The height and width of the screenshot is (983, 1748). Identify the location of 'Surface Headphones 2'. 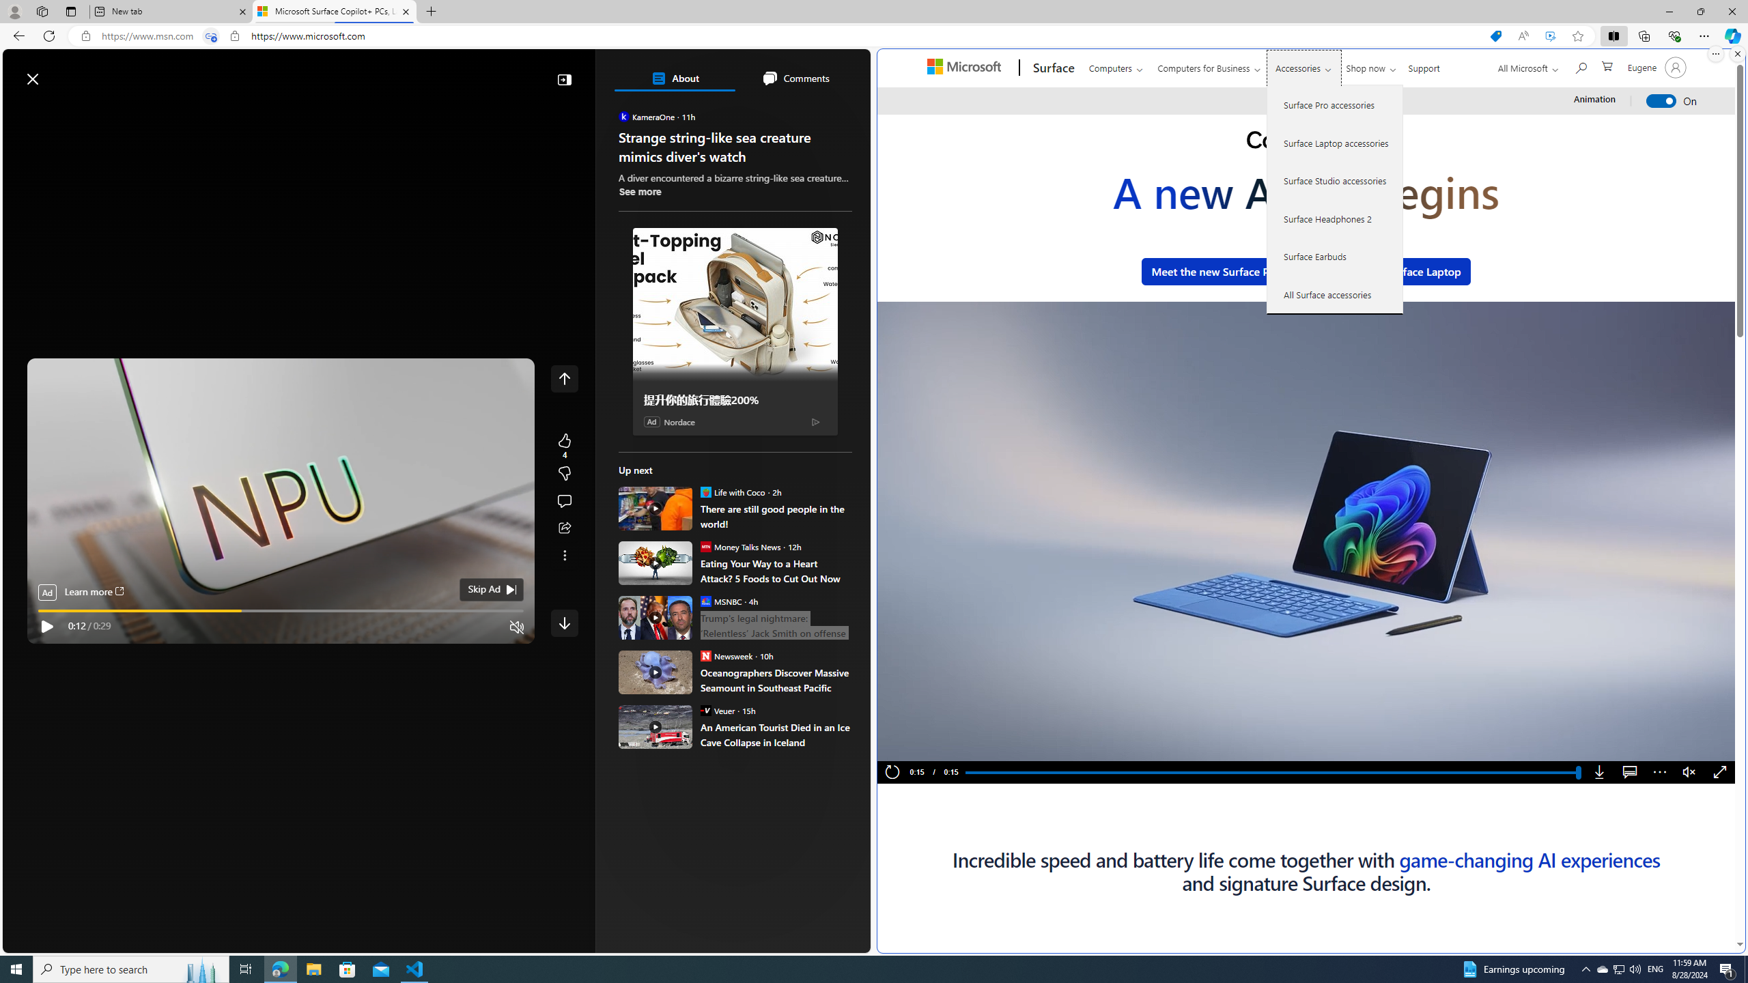
(1334, 218).